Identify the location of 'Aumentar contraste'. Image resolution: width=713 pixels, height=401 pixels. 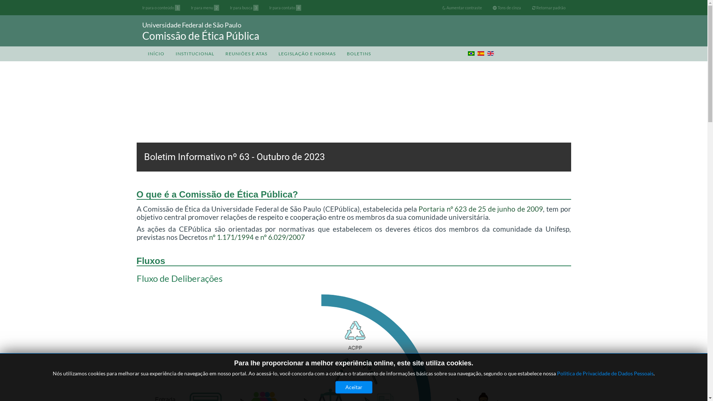
(462, 7).